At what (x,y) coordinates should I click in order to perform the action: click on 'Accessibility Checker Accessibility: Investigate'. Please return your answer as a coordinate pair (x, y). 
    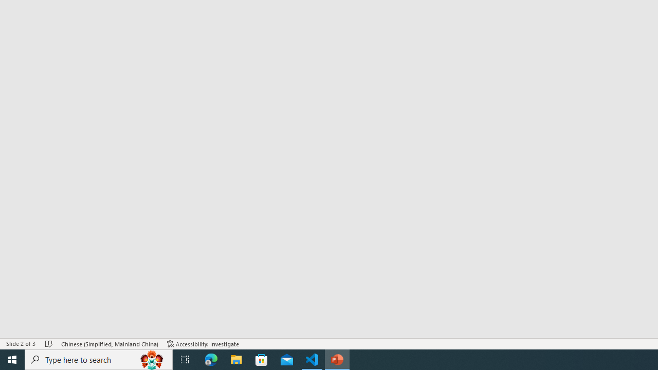
    Looking at the image, I should click on (203, 344).